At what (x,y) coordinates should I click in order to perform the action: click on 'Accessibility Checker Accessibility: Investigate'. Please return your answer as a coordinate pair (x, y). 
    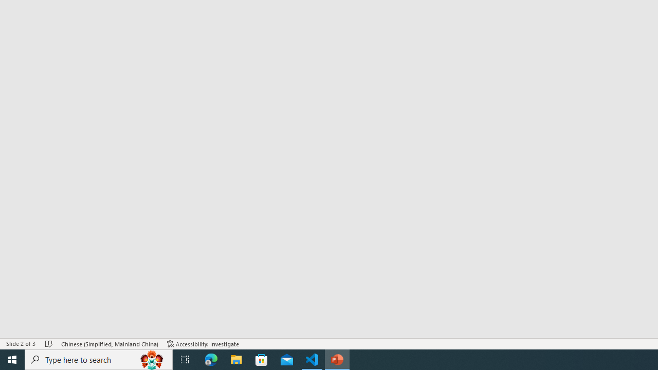
    Looking at the image, I should click on (203, 344).